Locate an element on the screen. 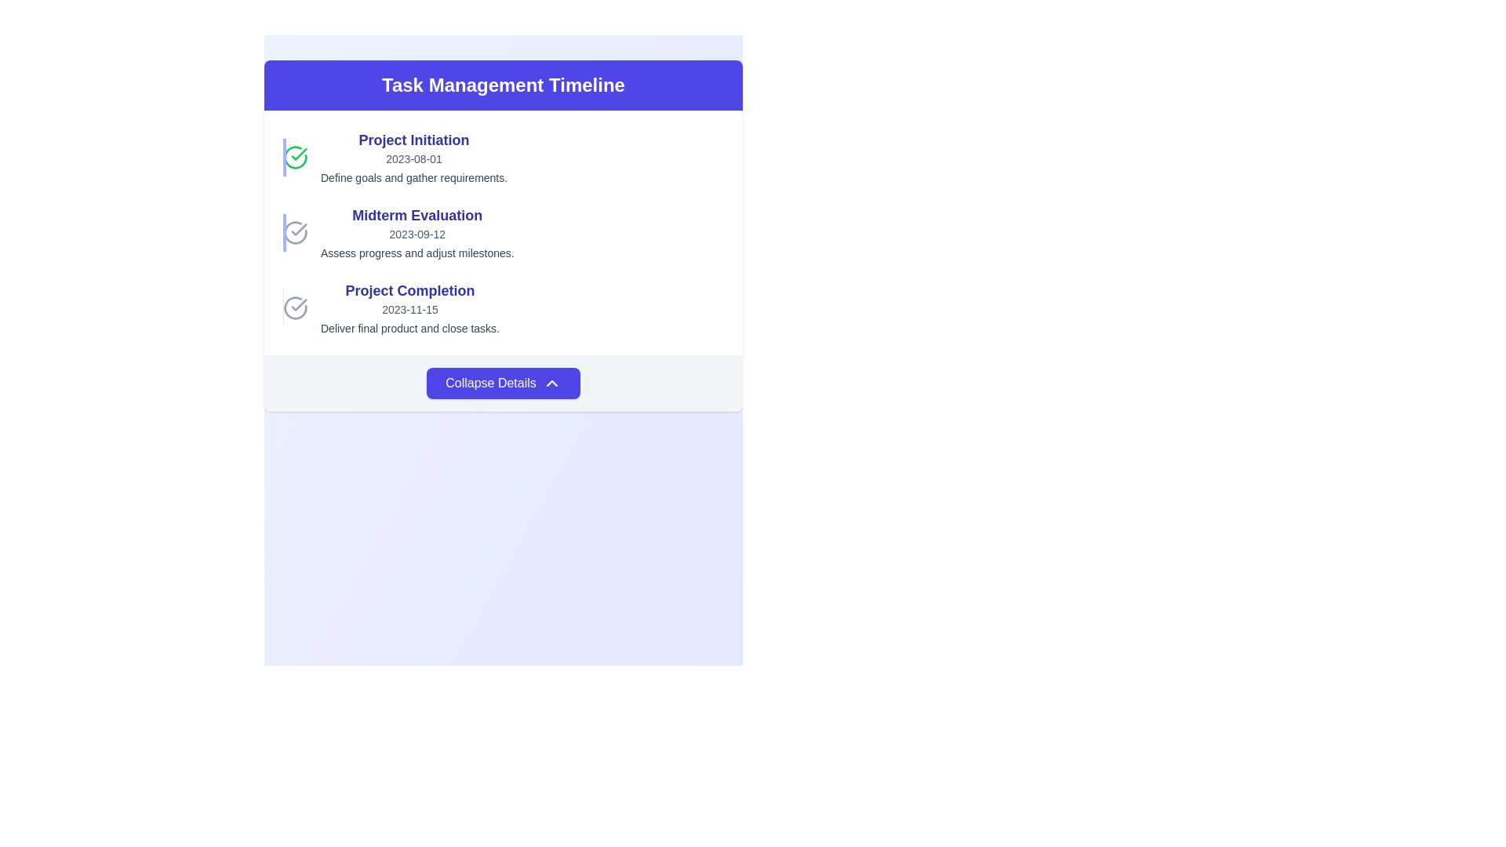 The width and height of the screenshot is (1506, 847). the Text Block displaying the task entry titled 'Project Completion', which includes the date '2023-11-15' and the description 'Deliver final product and close tasks.' is located at coordinates (410, 308).